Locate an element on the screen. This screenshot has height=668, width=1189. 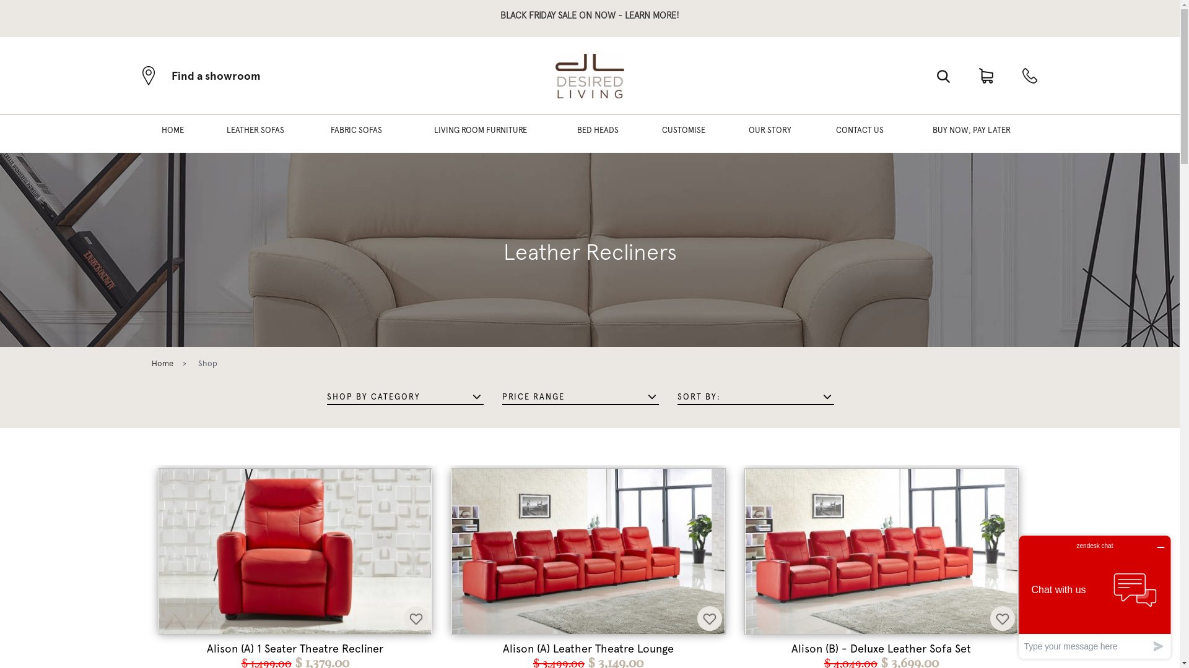
'CONTACT US' is located at coordinates (859, 134).